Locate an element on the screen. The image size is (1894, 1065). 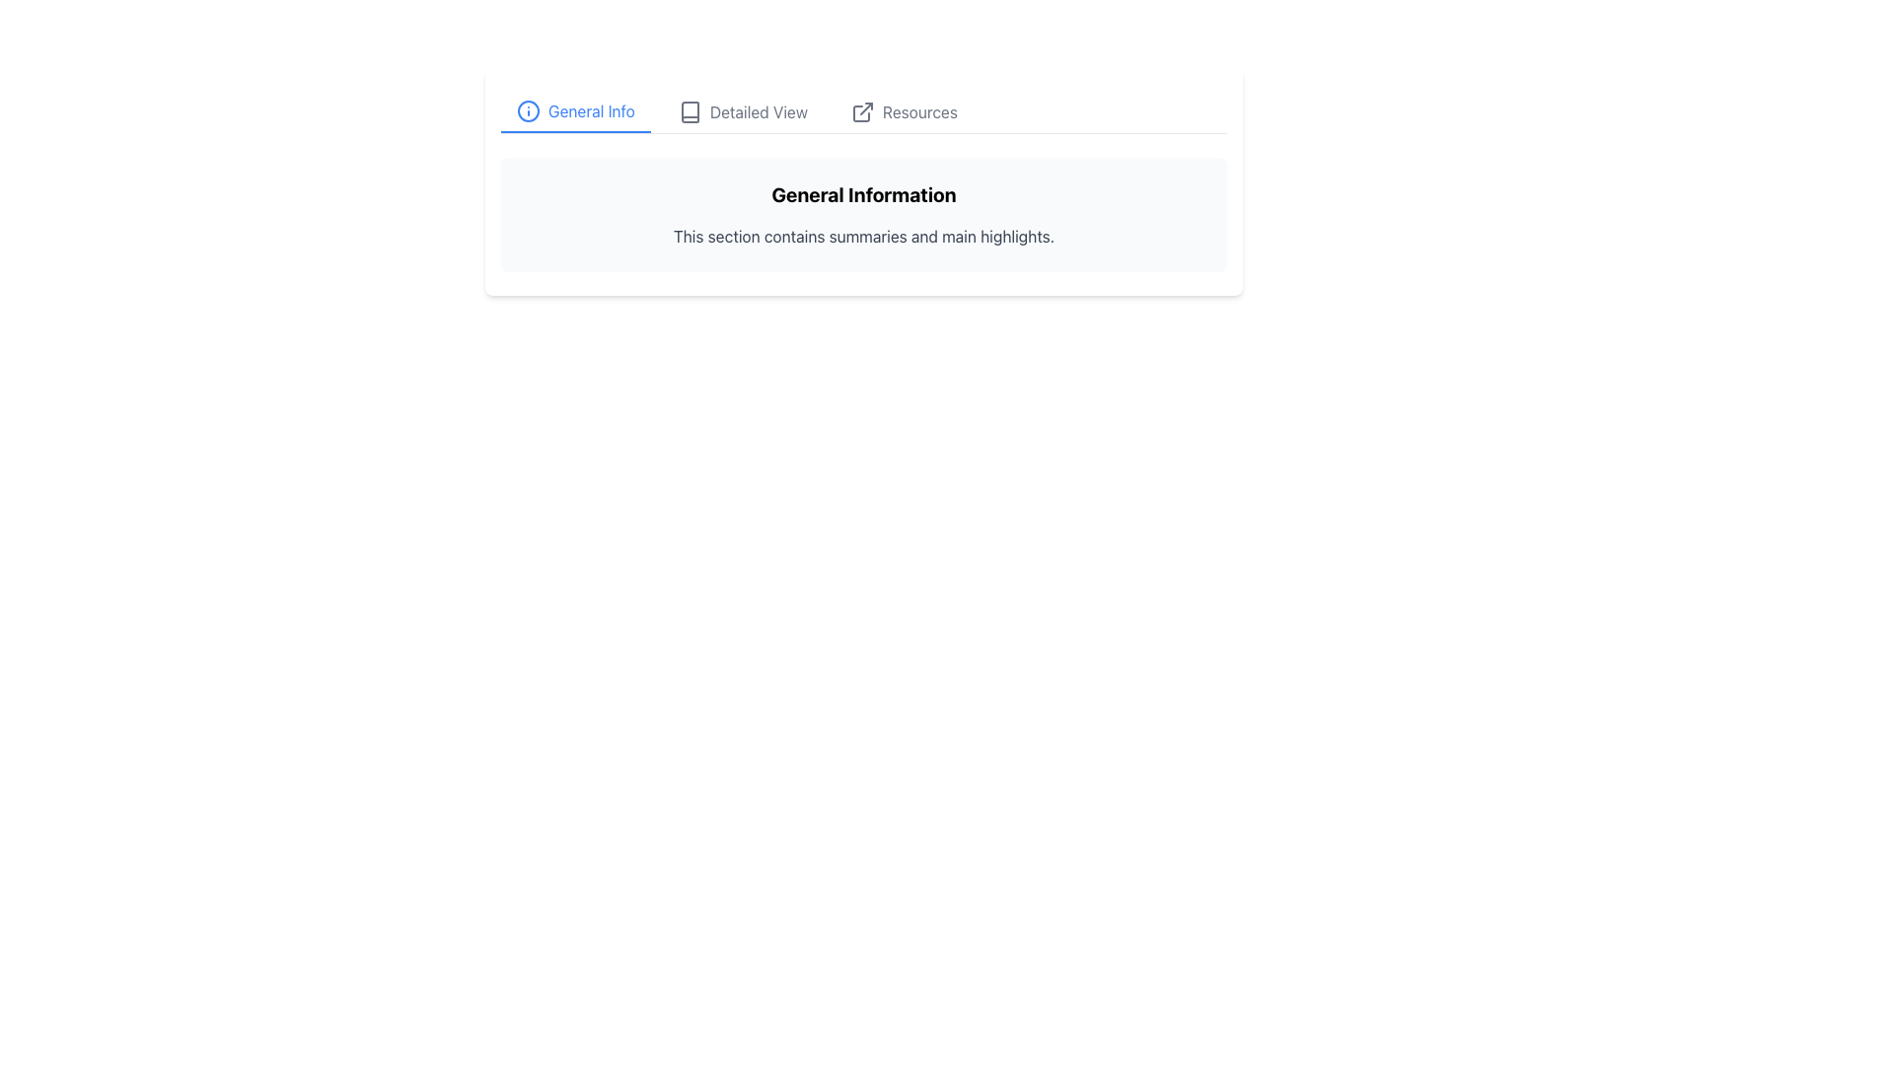
text from the Text Label located between 'General Info' and 'Resources', which serves as a descriptive label for a clickable button or tab is located at coordinates (758, 112).